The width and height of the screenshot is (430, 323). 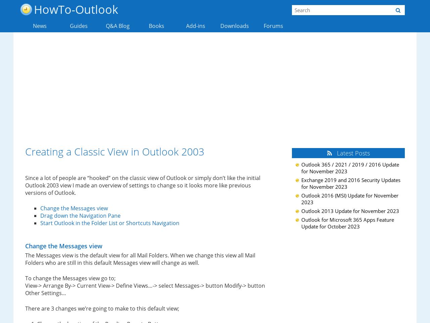 I want to click on 'News', so click(x=39, y=26).